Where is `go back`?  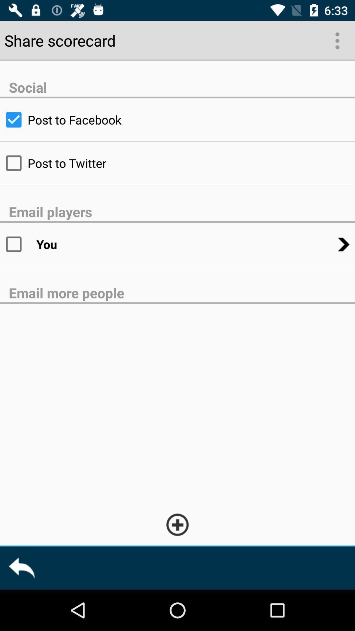 go back is located at coordinates (21, 568).